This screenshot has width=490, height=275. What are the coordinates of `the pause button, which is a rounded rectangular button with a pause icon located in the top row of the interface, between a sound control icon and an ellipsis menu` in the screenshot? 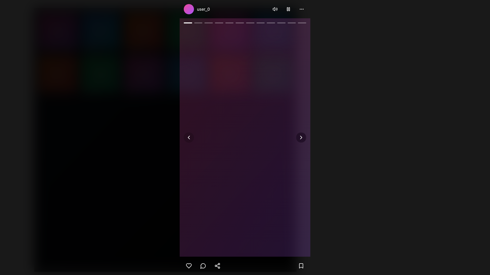 It's located at (288, 9).